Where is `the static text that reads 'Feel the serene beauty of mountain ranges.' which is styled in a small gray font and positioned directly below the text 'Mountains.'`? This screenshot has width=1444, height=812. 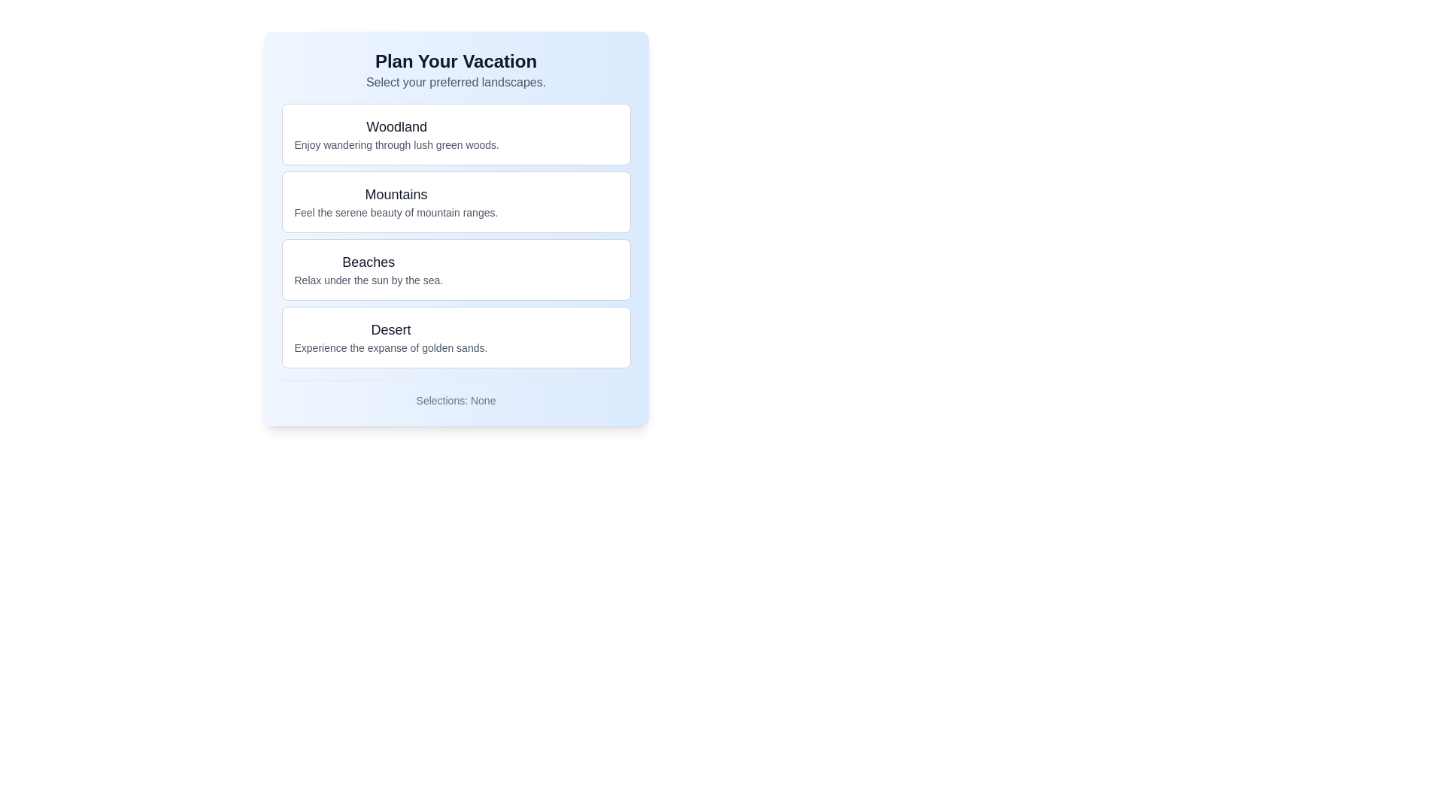
the static text that reads 'Feel the serene beauty of mountain ranges.' which is styled in a small gray font and positioned directly below the text 'Mountains.' is located at coordinates (396, 212).